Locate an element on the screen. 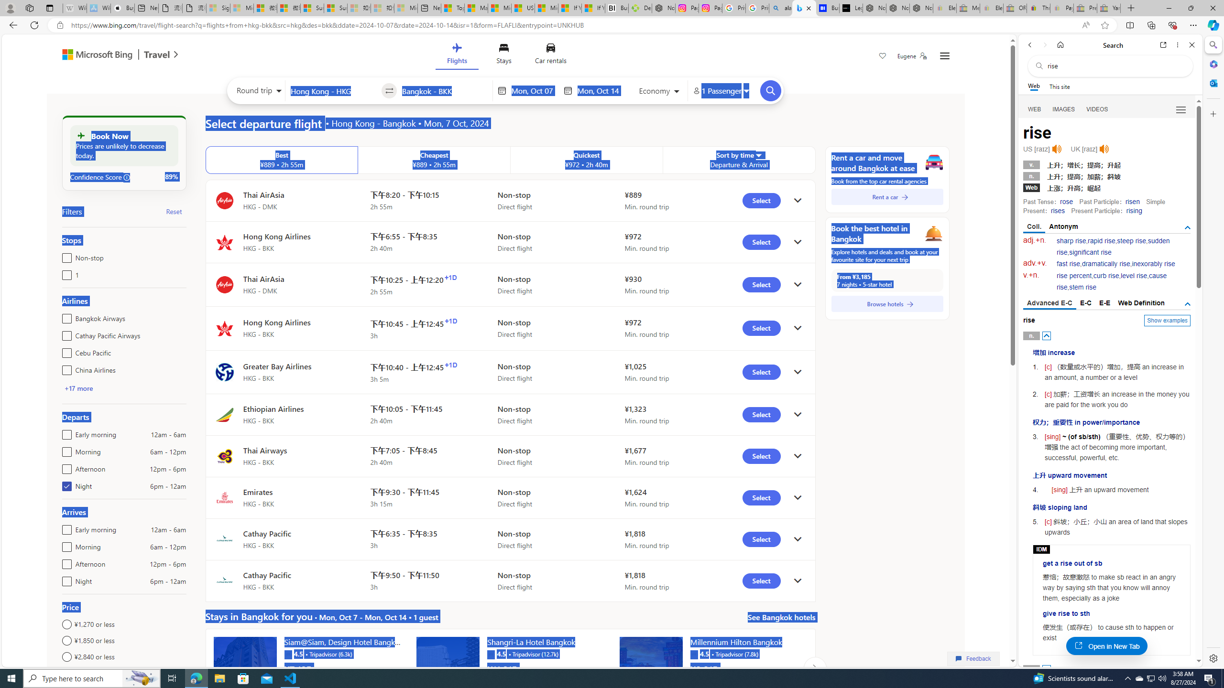  'Class: msft-travel-logo' is located at coordinates (156, 54).